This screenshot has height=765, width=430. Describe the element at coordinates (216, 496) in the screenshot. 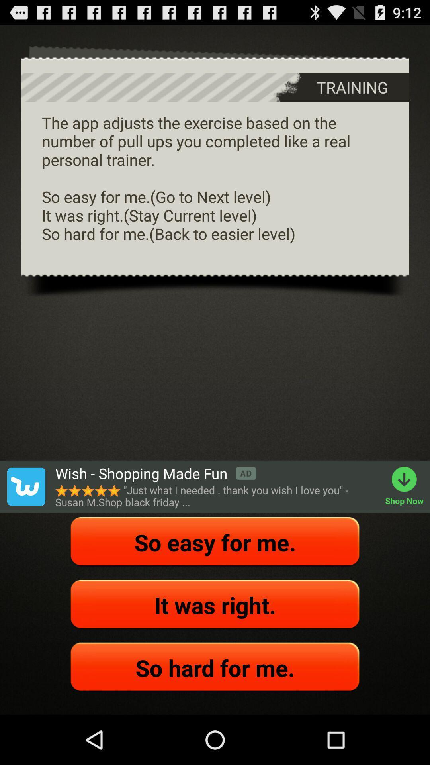

I see `the icon to the left of the shop now app` at that location.